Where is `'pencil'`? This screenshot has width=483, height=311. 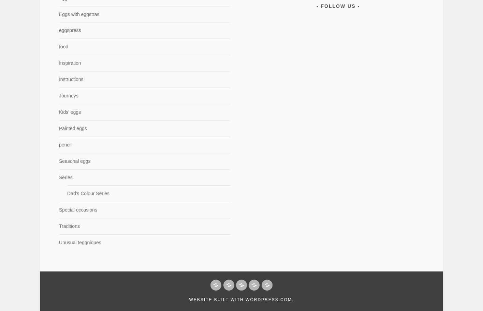 'pencil' is located at coordinates (64, 145).